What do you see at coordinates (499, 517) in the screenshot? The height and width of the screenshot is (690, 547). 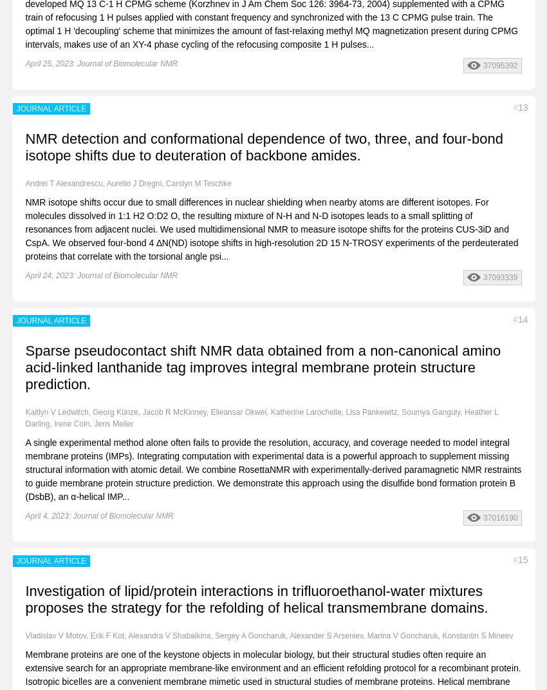 I see `'37016190'` at bounding box center [499, 517].